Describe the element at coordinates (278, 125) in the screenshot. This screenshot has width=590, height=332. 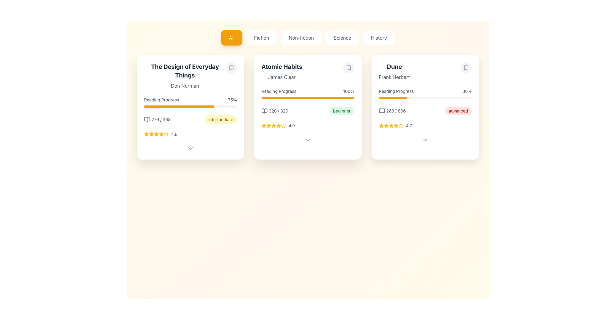
I see `the fourth star-shaped icon in the rating section of the 'Atomic Habits' card` at that location.